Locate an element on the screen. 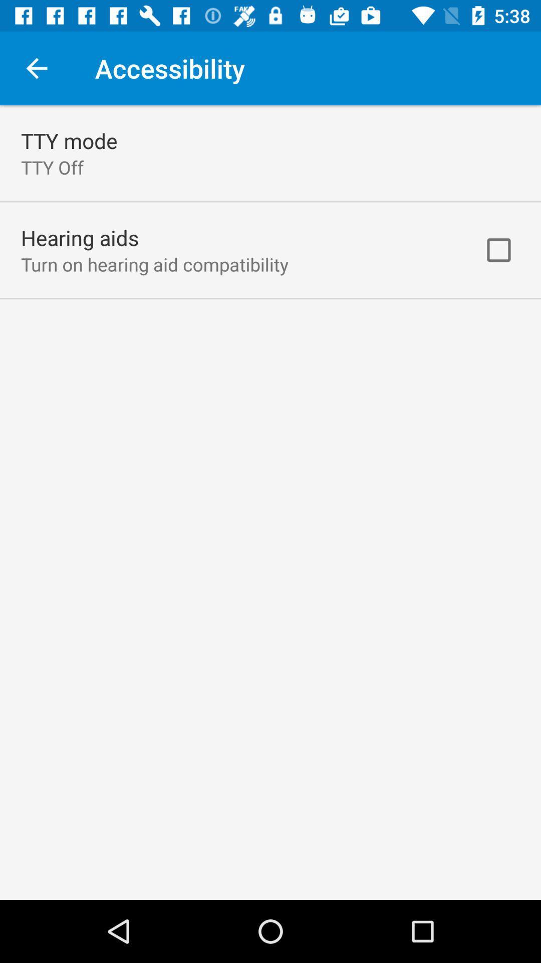 The width and height of the screenshot is (541, 963). the item above the hearing aids app is located at coordinates (52, 167).